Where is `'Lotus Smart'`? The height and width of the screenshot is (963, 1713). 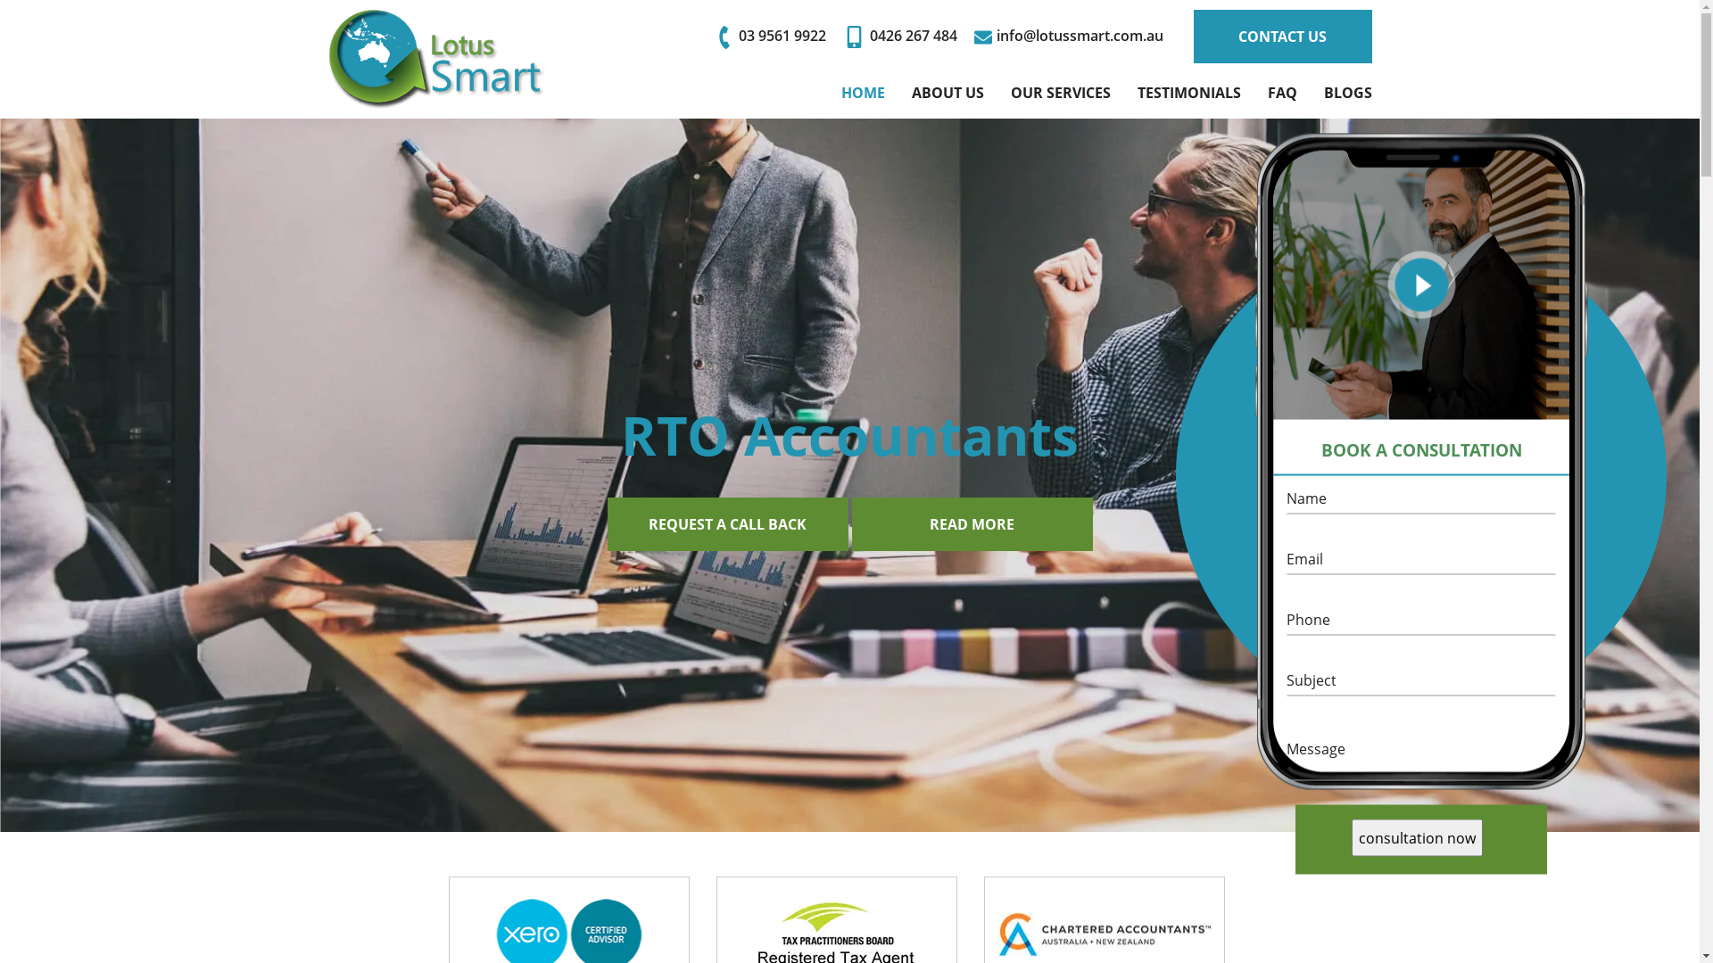 'Lotus Smart' is located at coordinates (436, 58).